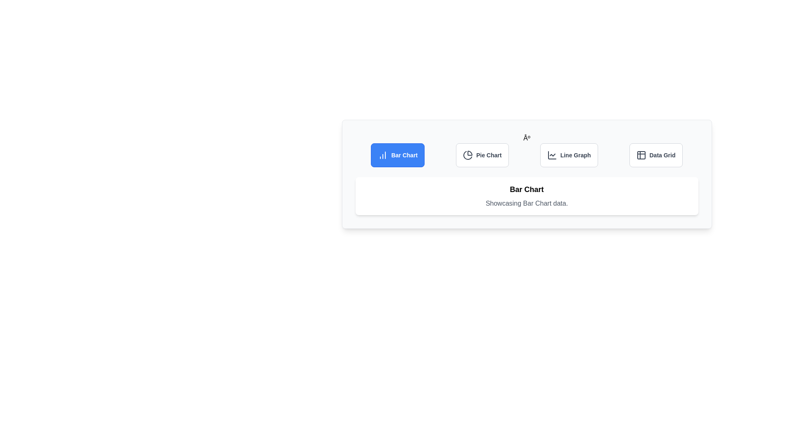  What do you see at coordinates (655, 155) in the screenshot?
I see `the Data Grid tab to view its data visualization` at bounding box center [655, 155].